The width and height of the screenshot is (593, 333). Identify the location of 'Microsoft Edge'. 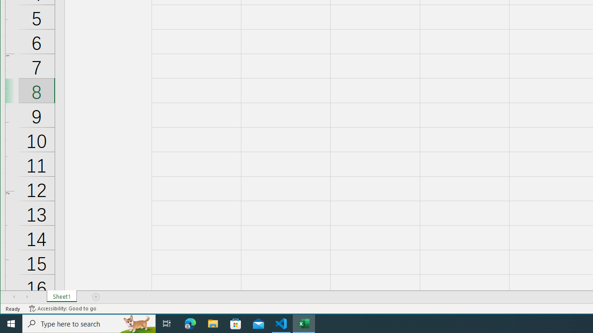
(190, 323).